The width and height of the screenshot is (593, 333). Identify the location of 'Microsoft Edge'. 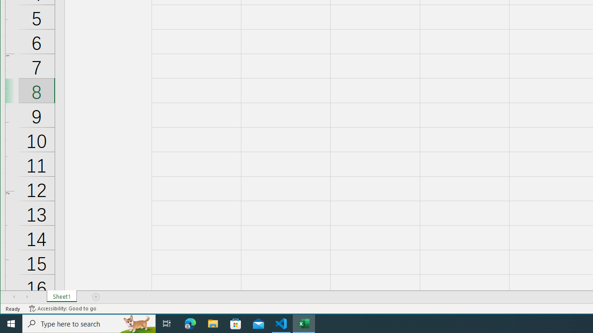
(190, 323).